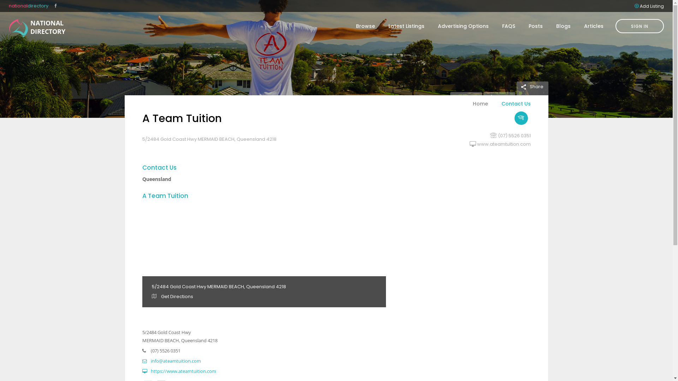 The image size is (678, 381). Describe the element at coordinates (406, 25) in the screenshot. I see `'Latest Listings'` at that location.